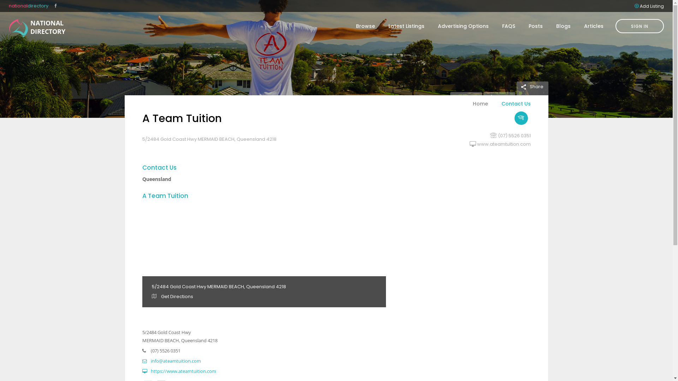 The image size is (678, 381). Describe the element at coordinates (406, 25) in the screenshot. I see `'Latest Listings'` at that location.